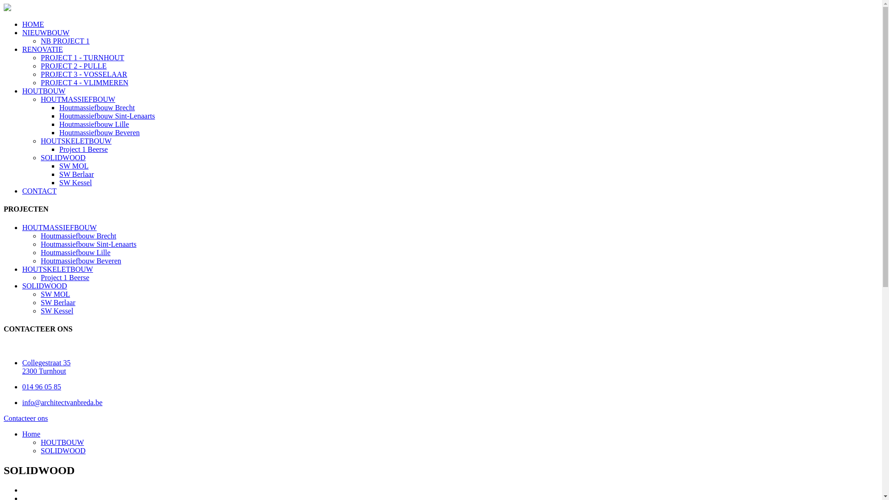  What do you see at coordinates (46, 366) in the screenshot?
I see `'Collegestraat 35` at bounding box center [46, 366].